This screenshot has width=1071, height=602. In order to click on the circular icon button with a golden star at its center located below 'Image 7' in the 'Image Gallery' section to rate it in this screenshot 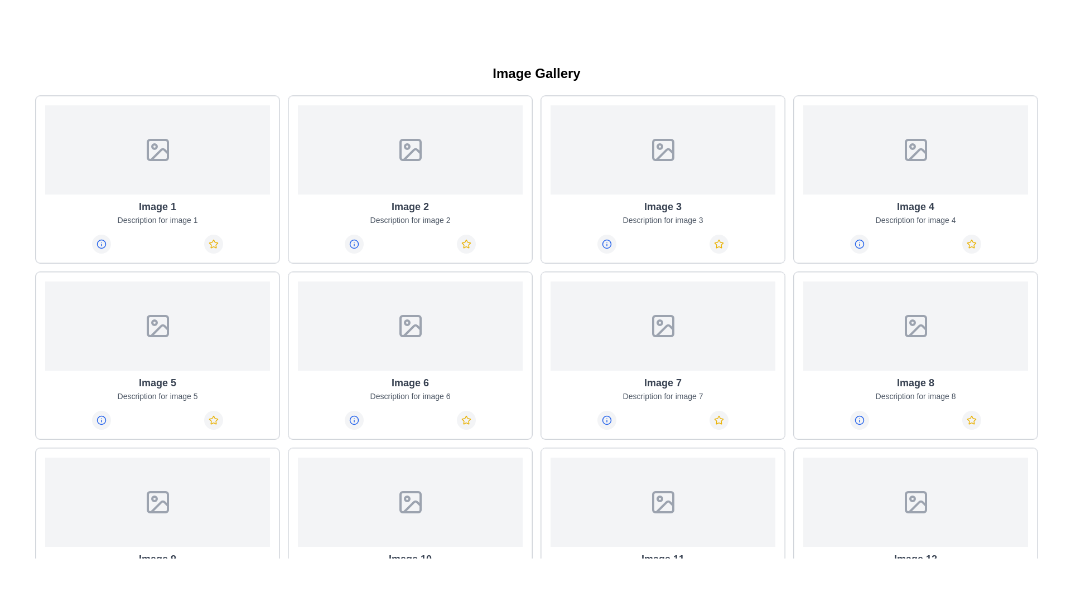, I will do `click(719, 420)`.